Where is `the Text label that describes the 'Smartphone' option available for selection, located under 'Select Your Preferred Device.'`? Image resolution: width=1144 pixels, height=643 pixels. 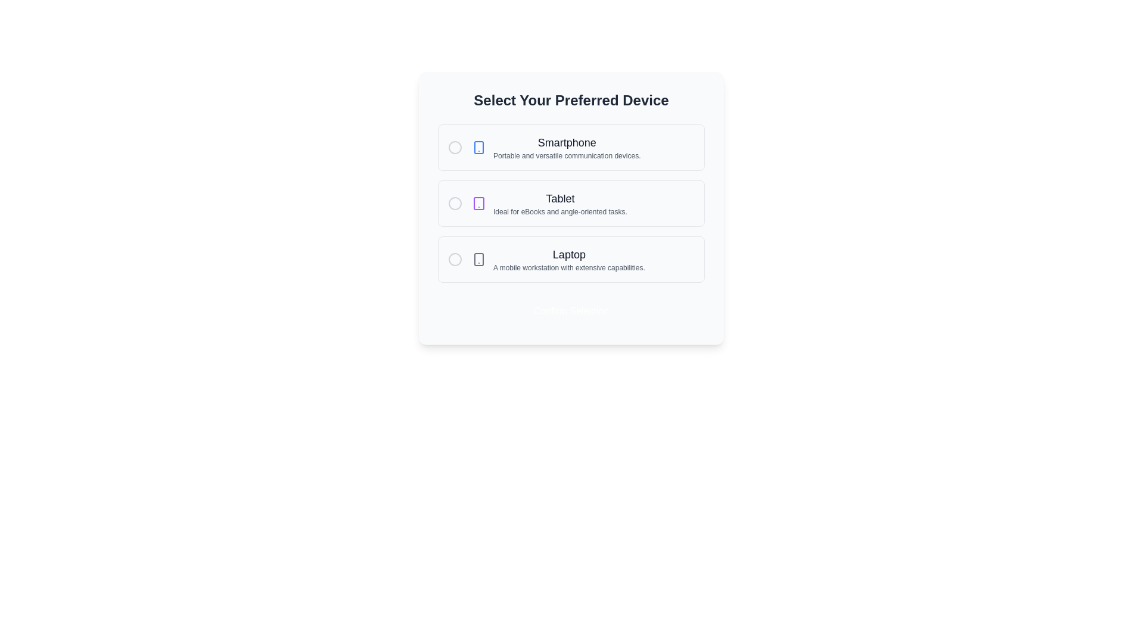
the Text label that describes the 'Smartphone' option available for selection, located under 'Select Your Preferred Device.' is located at coordinates (566, 146).